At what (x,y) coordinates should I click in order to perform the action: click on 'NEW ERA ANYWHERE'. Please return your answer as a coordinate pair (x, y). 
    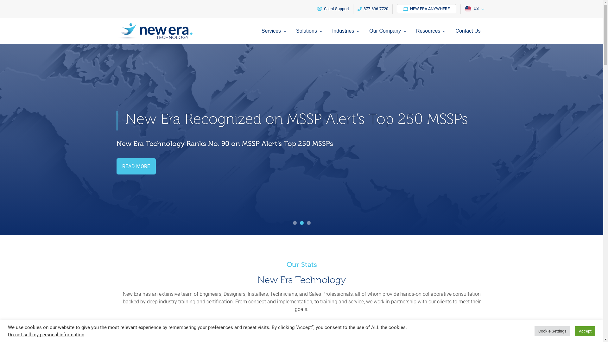
    Looking at the image, I should click on (426, 9).